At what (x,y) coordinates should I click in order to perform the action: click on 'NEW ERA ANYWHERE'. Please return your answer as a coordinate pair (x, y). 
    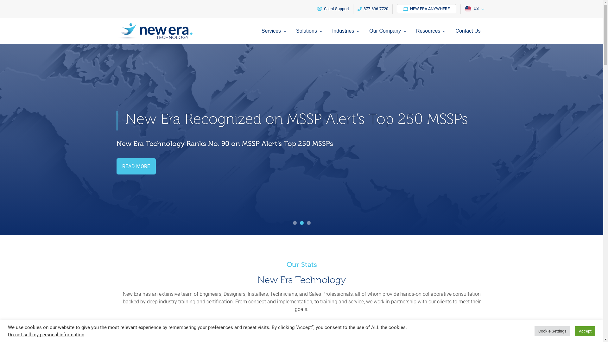
    Looking at the image, I should click on (426, 9).